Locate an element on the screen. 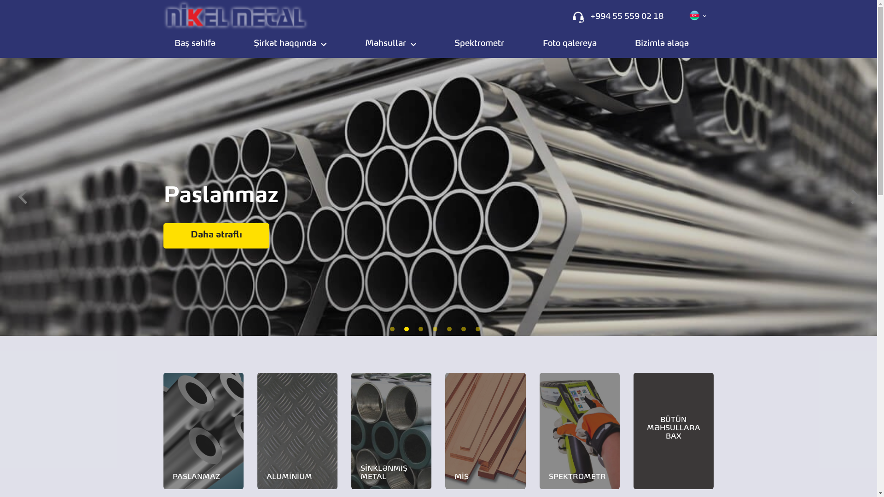 The image size is (884, 497). 'Previous' is located at coordinates (22, 191).